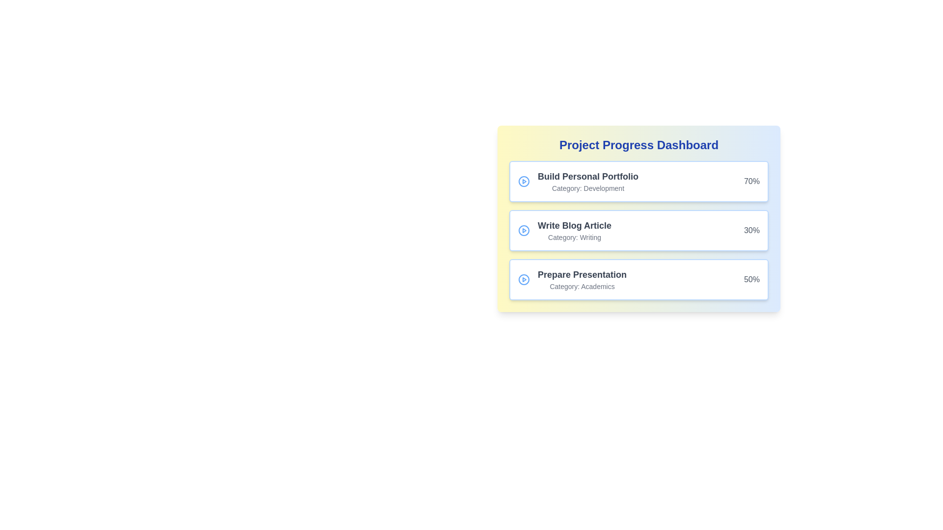  Describe the element at coordinates (588, 176) in the screenshot. I see `the static text 'Build Personal Portfolio' which is the title within a rectangular card on the dashboard` at that location.